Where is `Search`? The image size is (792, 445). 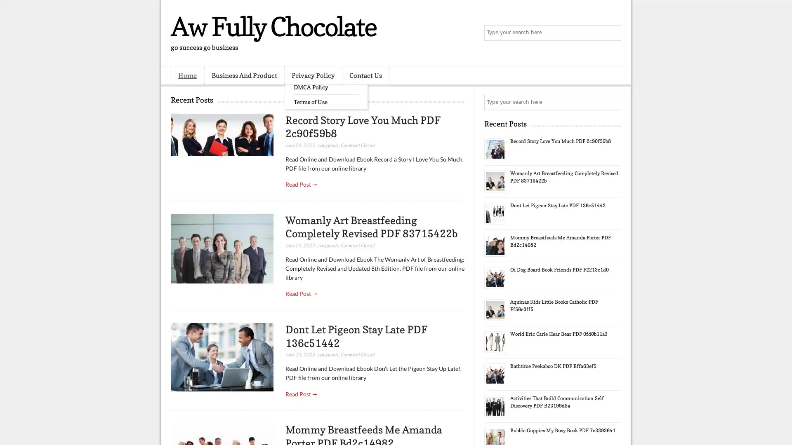
Search is located at coordinates (613, 102).